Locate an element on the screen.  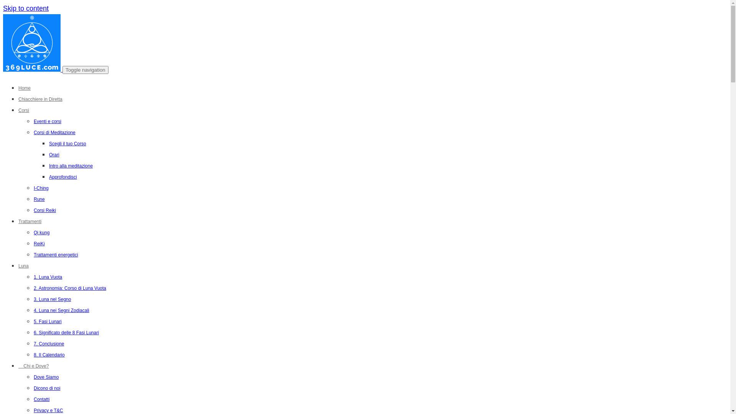
'4. Luna nei Segni Zodiacali' is located at coordinates (61, 310).